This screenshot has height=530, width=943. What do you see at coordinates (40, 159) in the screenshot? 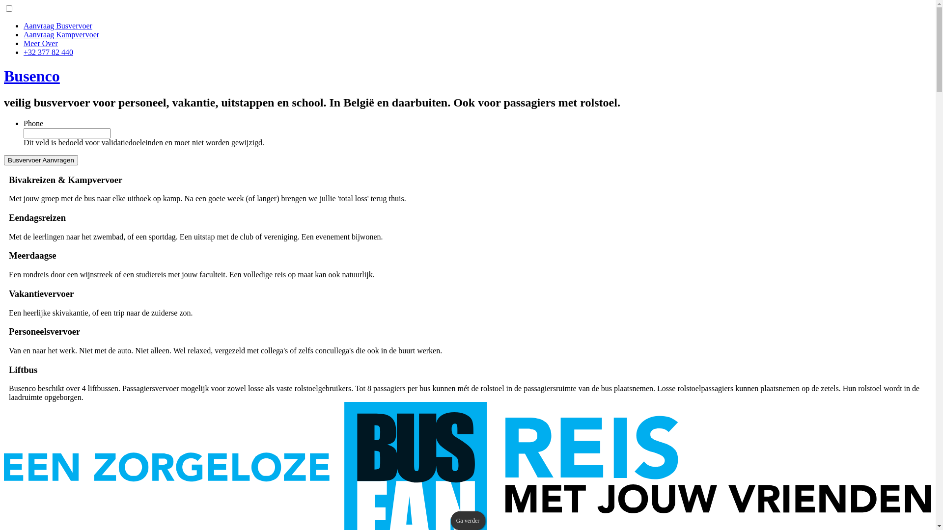
I see `'Busvervoer Aanvragen'` at bounding box center [40, 159].